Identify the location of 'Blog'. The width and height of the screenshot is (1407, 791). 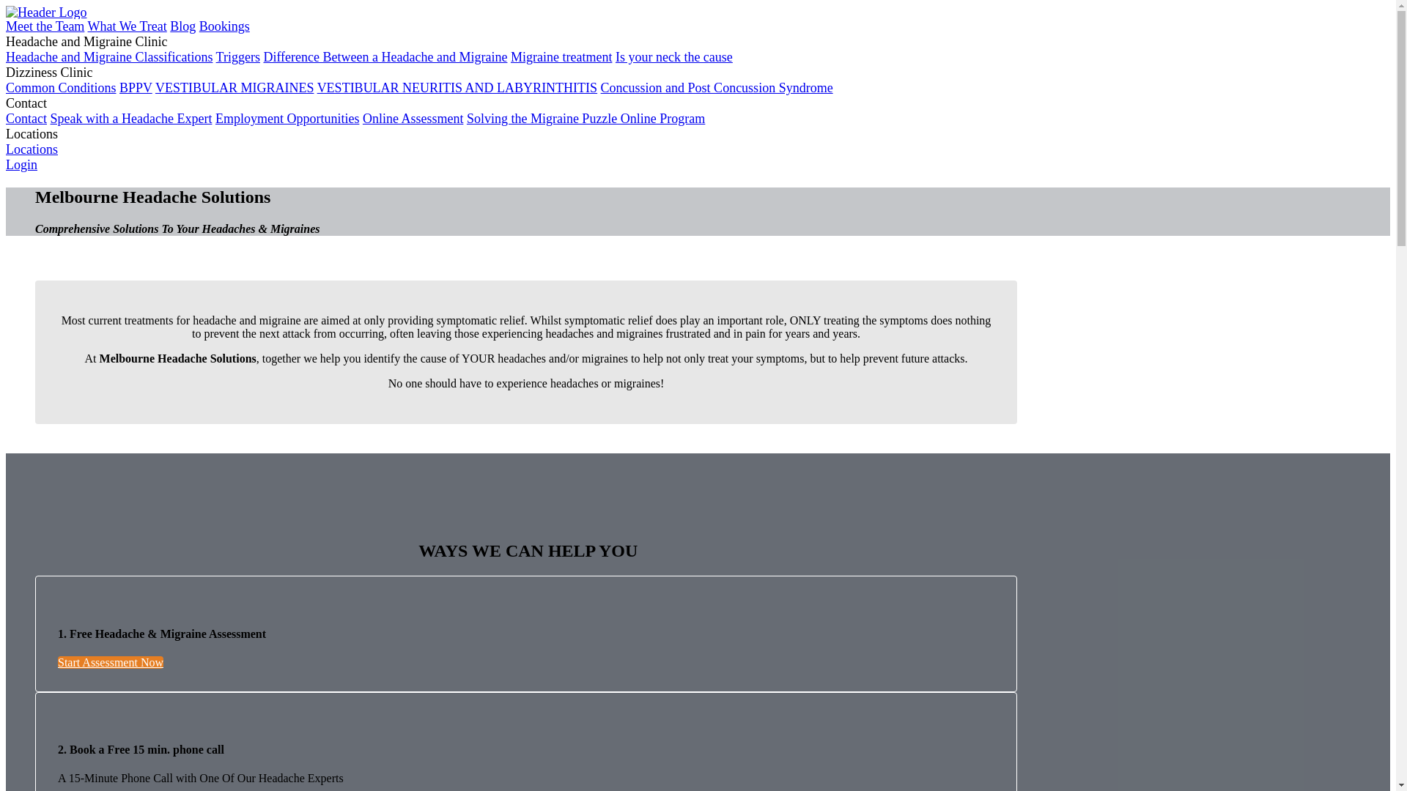
(169, 26).